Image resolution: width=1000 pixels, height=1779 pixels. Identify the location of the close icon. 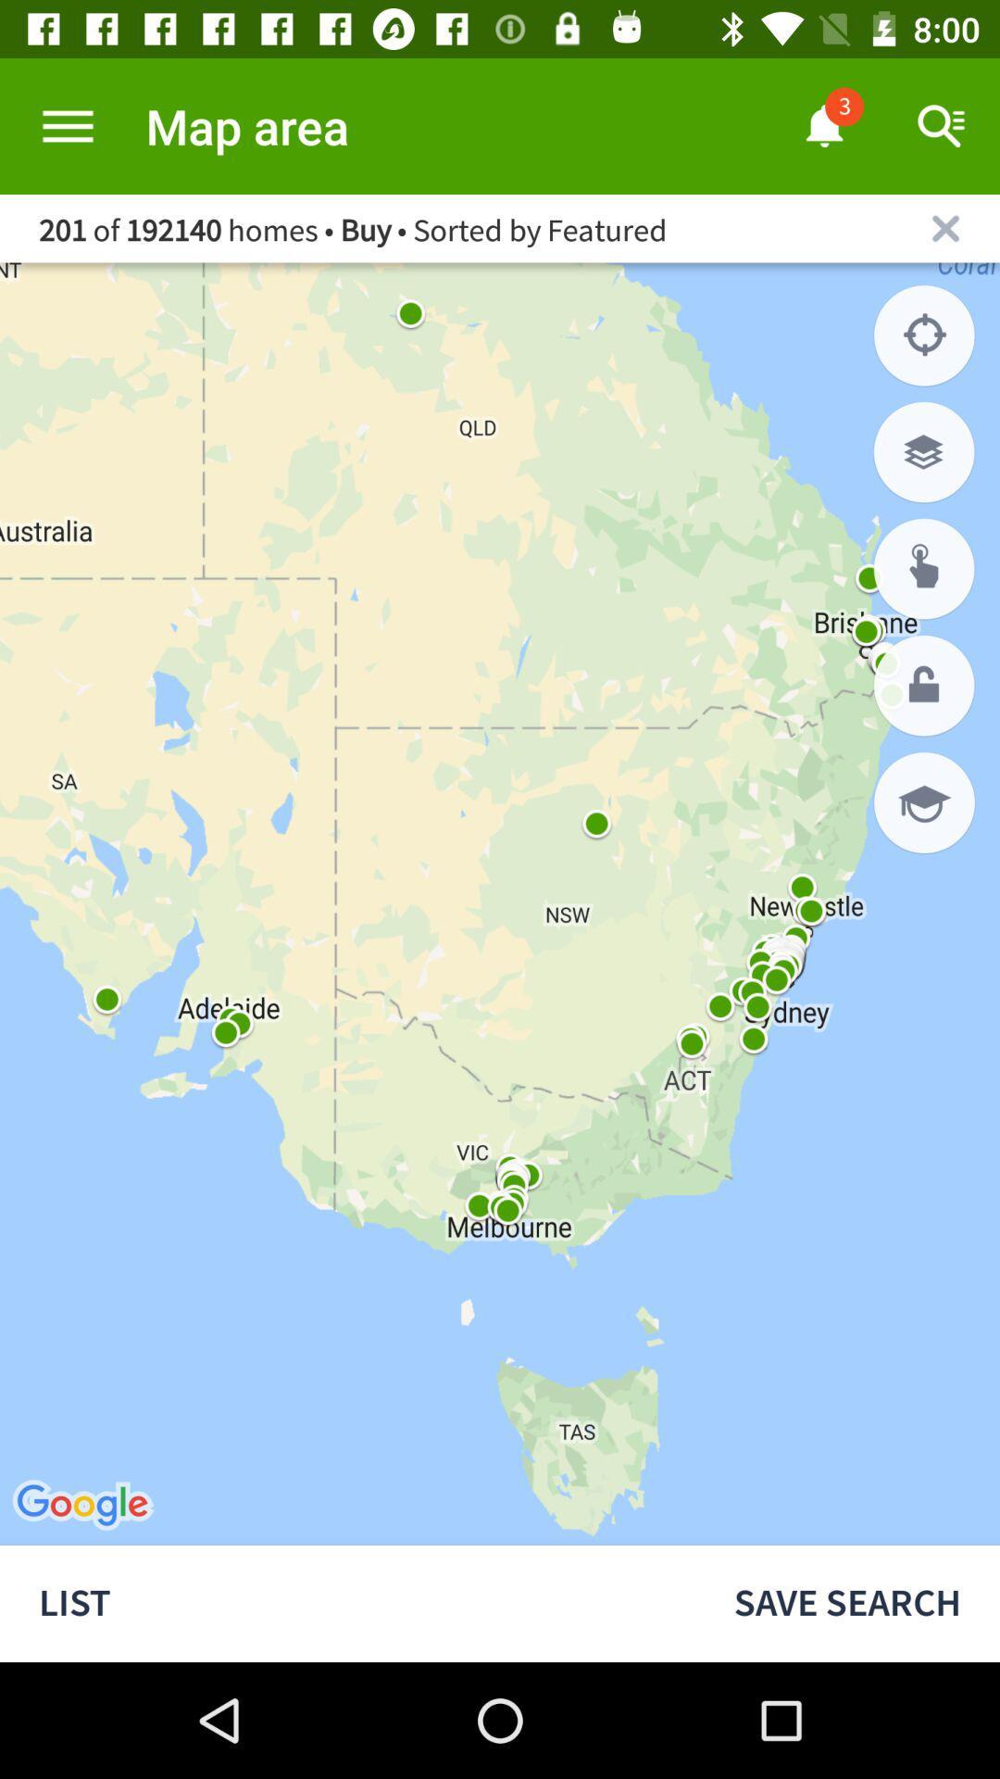
(945, 227).